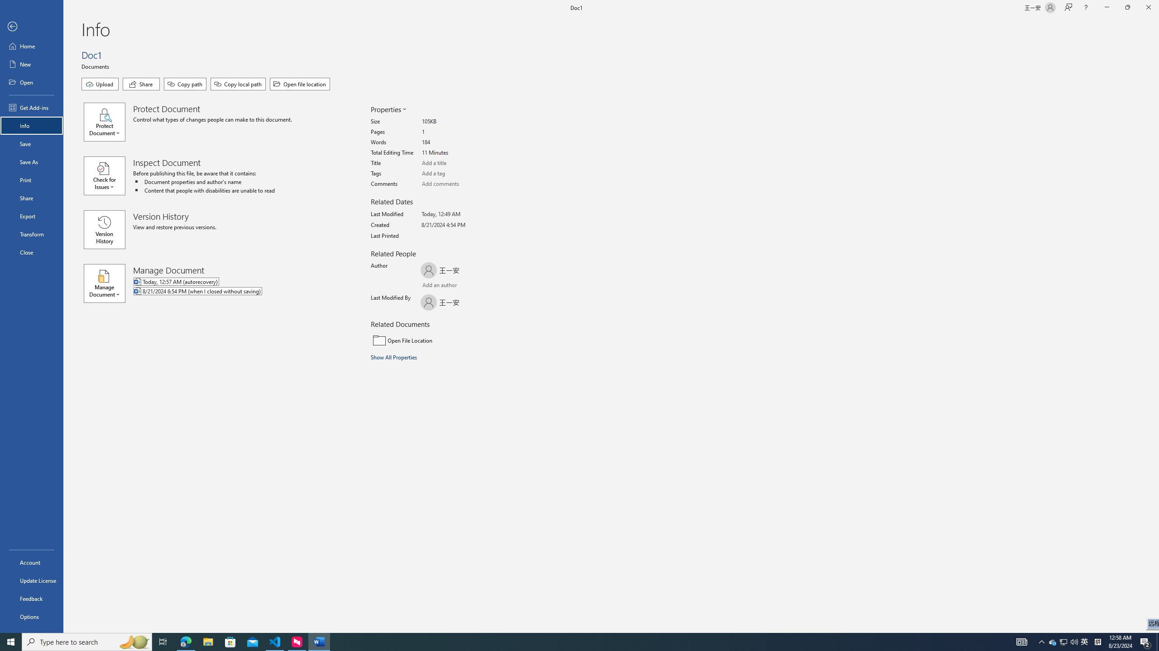  What do you see at coordinates (445, 286) in the screenshot?
I see `'Verify Names'` at bounding box center [445, 286].